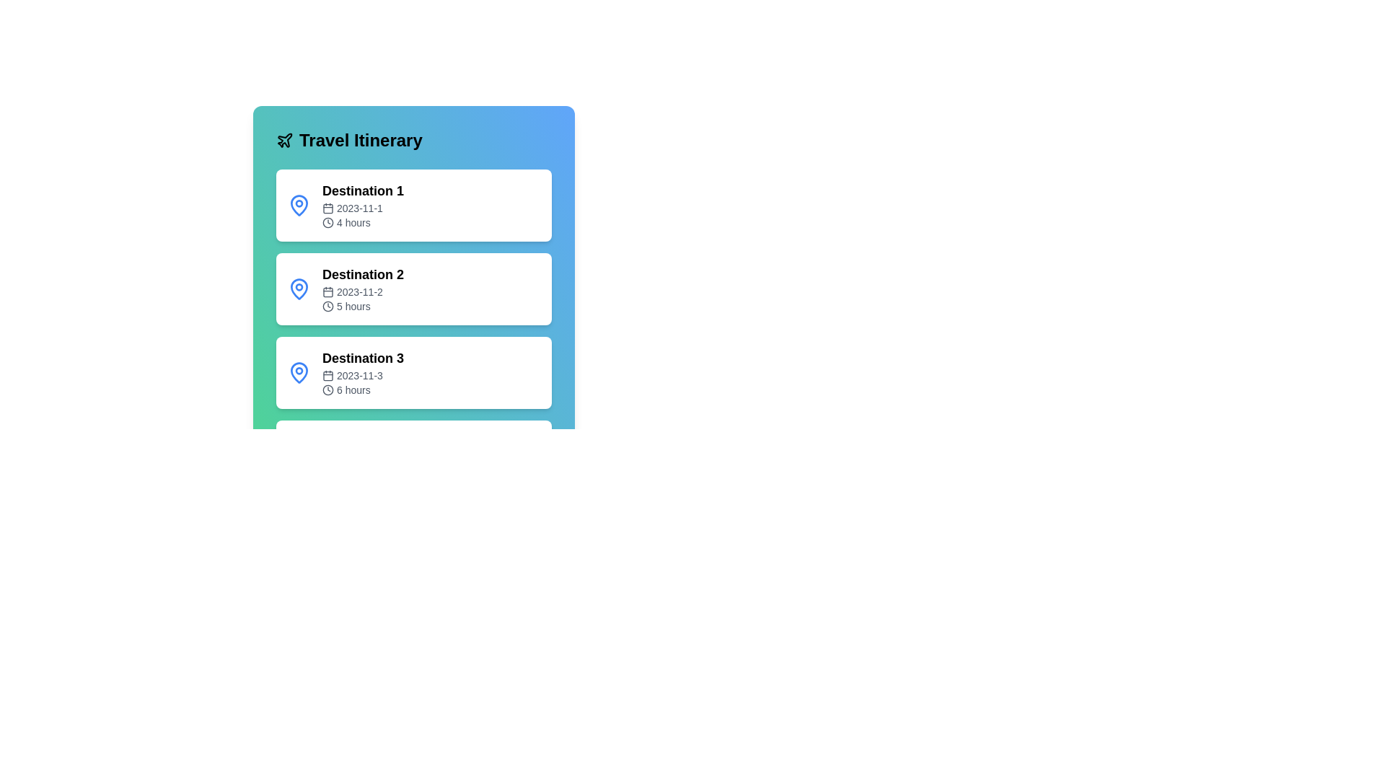  I want to click on the calendar icon located next to the text '2023-11-1' in the first entry of the list labeled 'Destination 1', so click(327, 208).